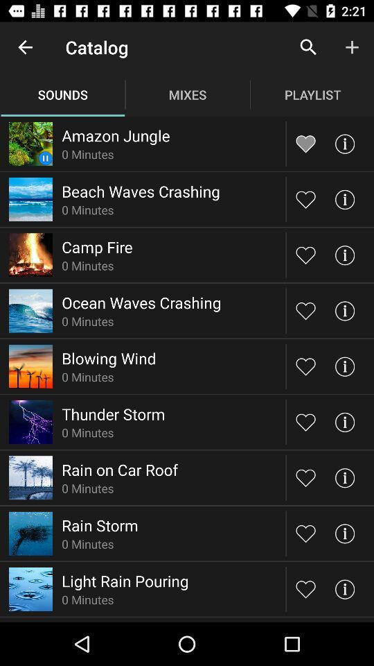 The image size is (374, 666). I want to click on app to the left of catalog item, so click(25, 47).